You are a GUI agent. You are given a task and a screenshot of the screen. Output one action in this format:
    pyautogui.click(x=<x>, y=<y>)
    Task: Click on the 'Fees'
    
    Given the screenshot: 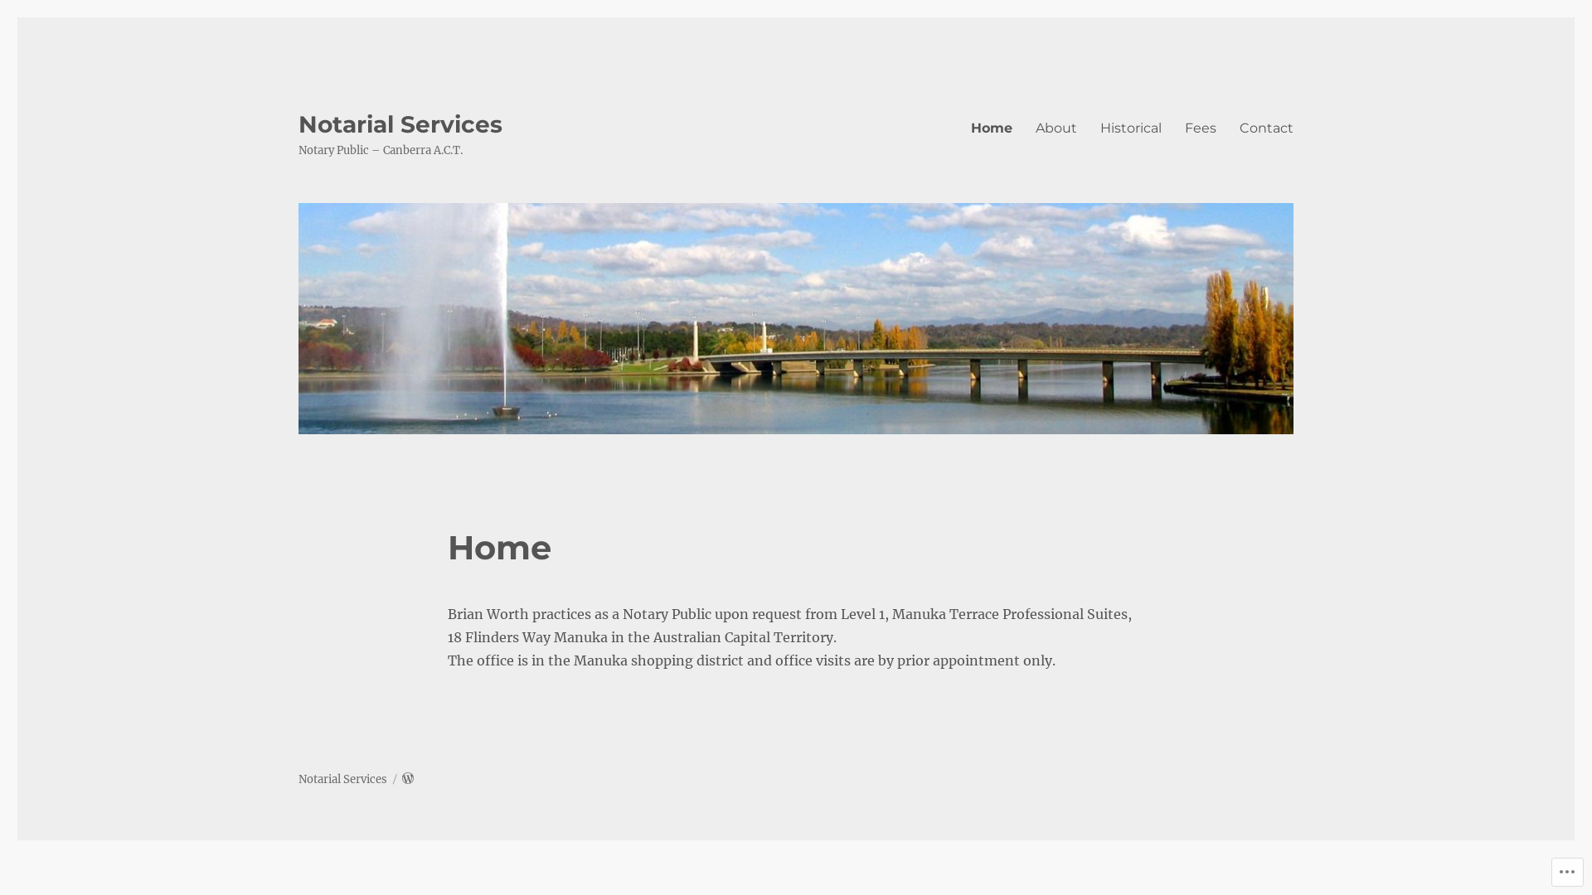 What is the action you would take?
    pyautogui.click(x=1201, y=127)
    